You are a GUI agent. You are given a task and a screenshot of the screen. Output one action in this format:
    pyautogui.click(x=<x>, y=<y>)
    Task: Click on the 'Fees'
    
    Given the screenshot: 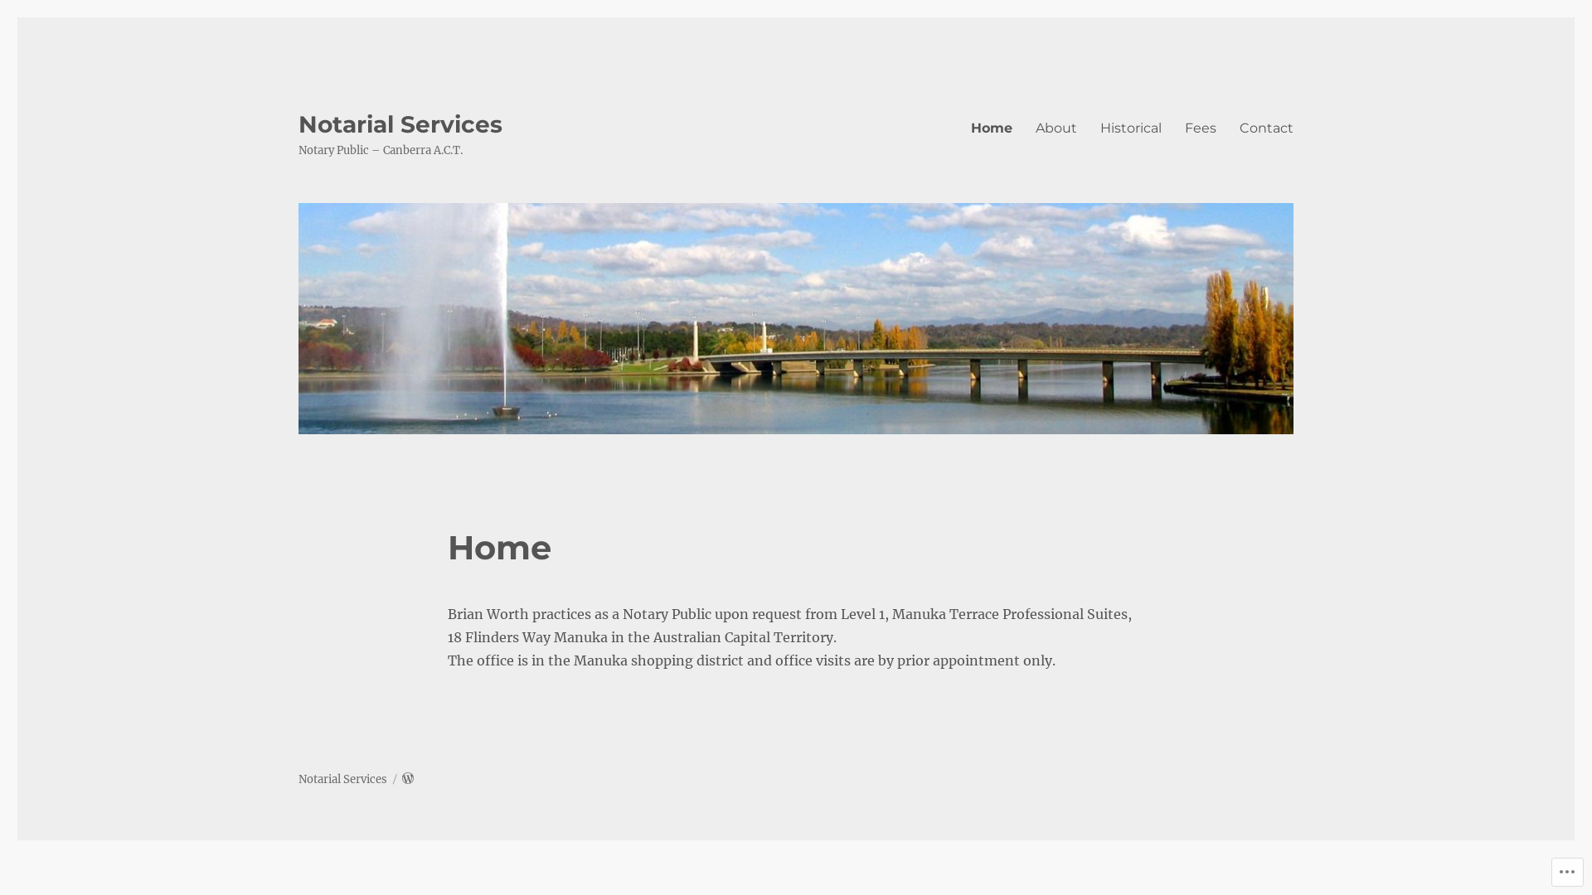 What is the action you would take?
    pyautogui.click(x=1201, y=127)
    